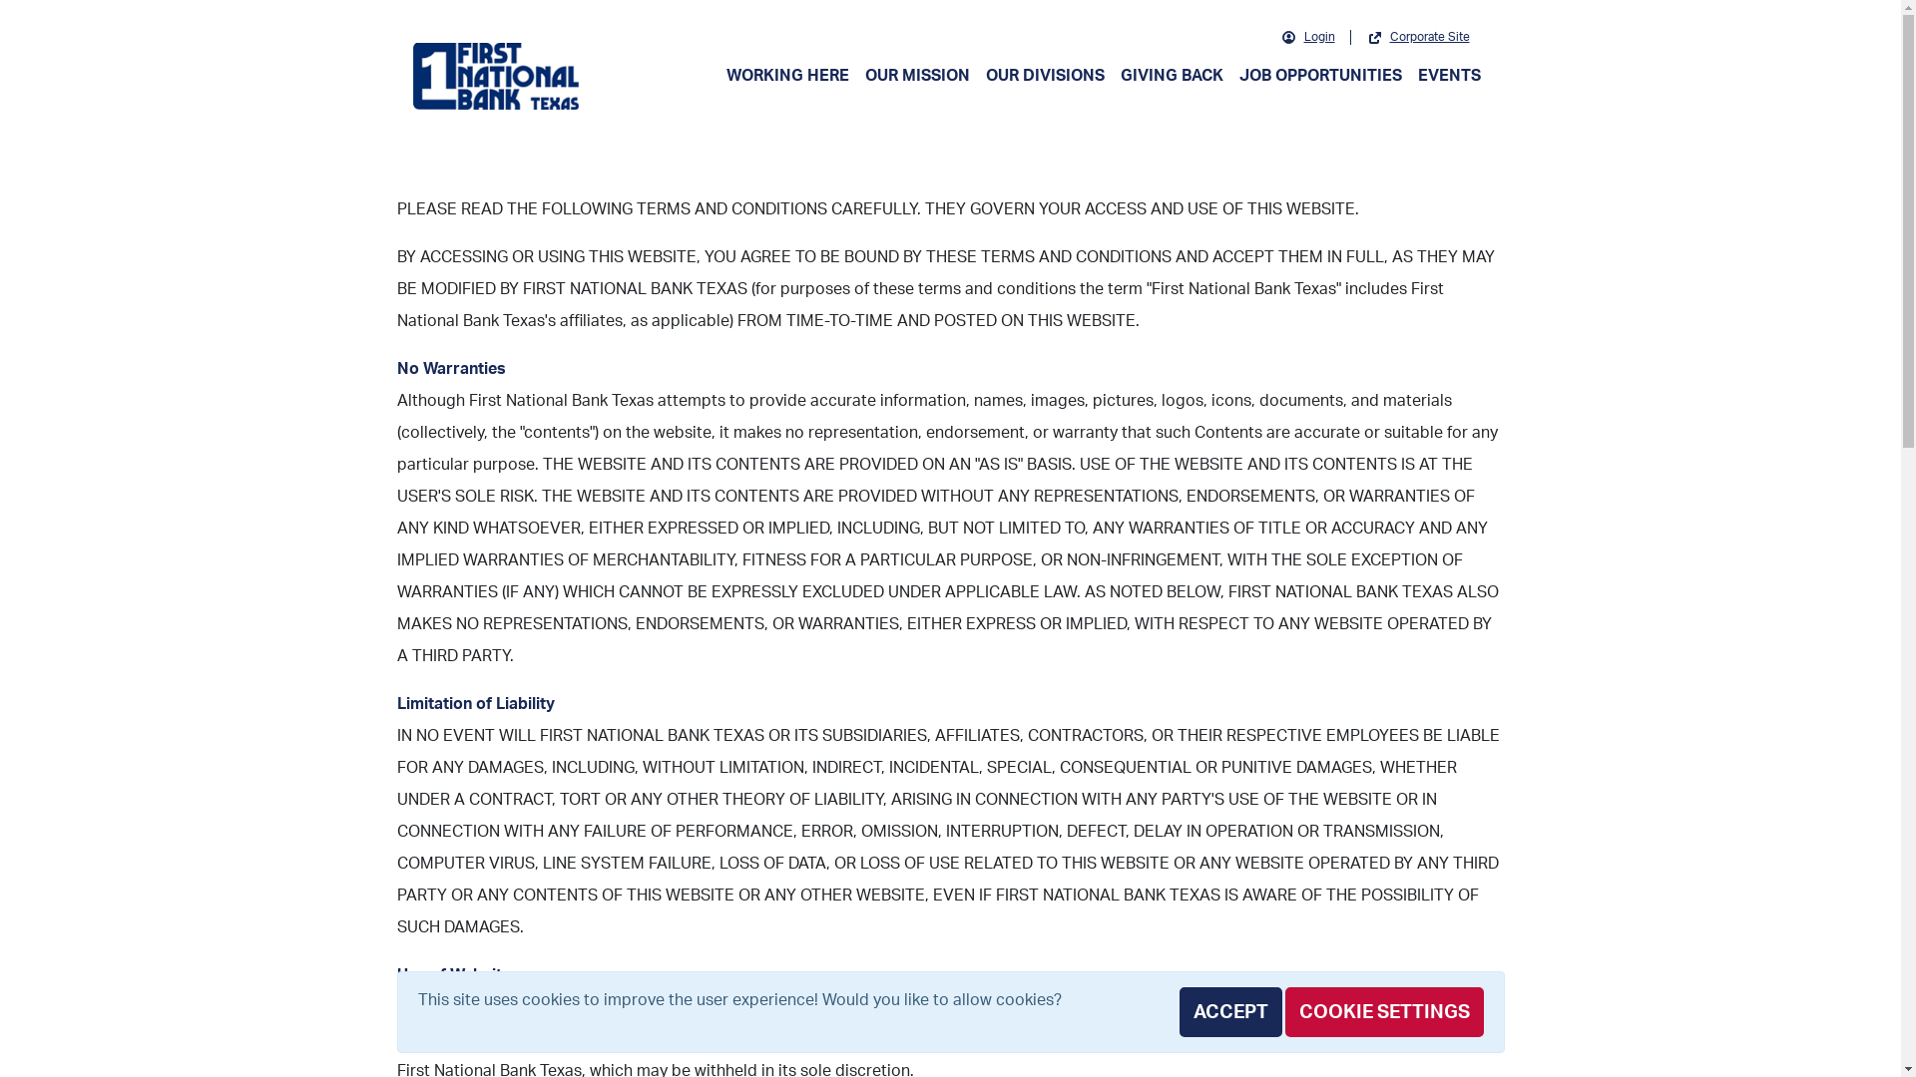  What do you see at coordinates (856, 75) in the screenshot?
I see `'OUR MISSION'` at bounding box center [856, 75].